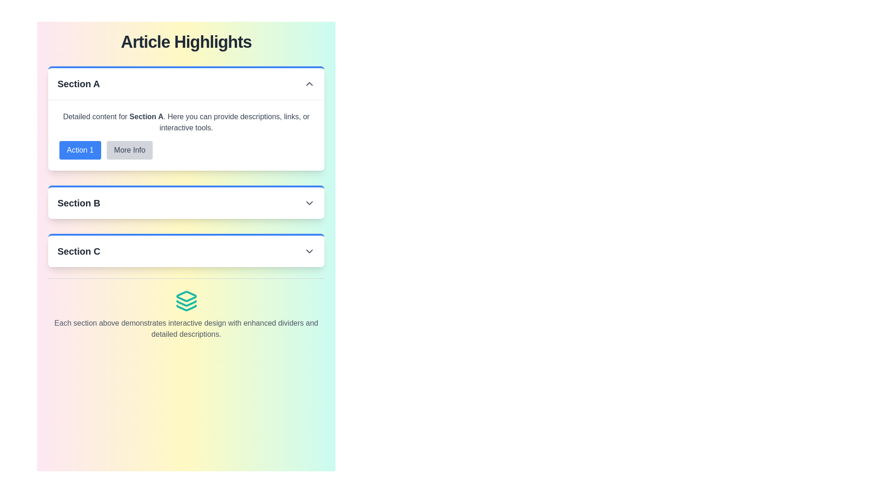 Image resolution: width=891 pixels, height=501 pixels. What do you see at coordinates (186, 122) in the screenshot?
I see `the Text Block that provides descriptive information about the content or functionality of 'Section A', located directly under the heading 'Section A'` at bounding box center [186, 122].